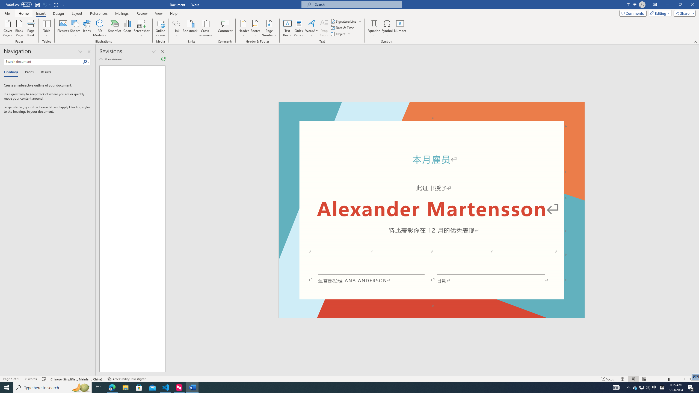 The height and width of the screenshot is (393, 699). What do you see at coordinates (87, 28) in the screenshot?
I see `'Icons'` at bounding box center [87, 28].